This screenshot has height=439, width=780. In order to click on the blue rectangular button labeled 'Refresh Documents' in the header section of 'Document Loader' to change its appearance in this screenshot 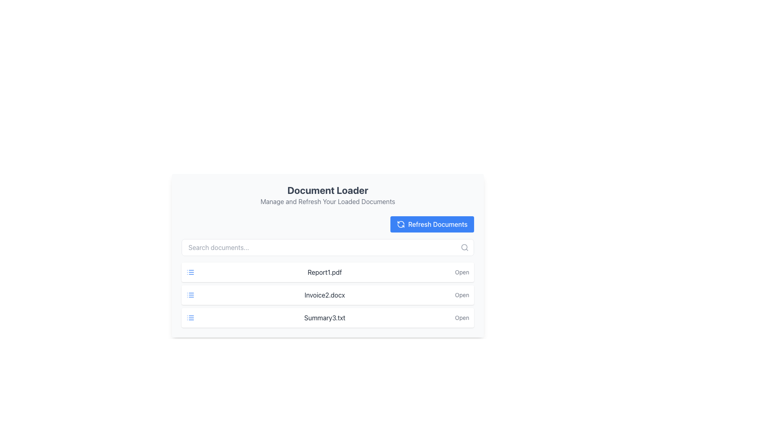, I will do `click(431, 224)`.